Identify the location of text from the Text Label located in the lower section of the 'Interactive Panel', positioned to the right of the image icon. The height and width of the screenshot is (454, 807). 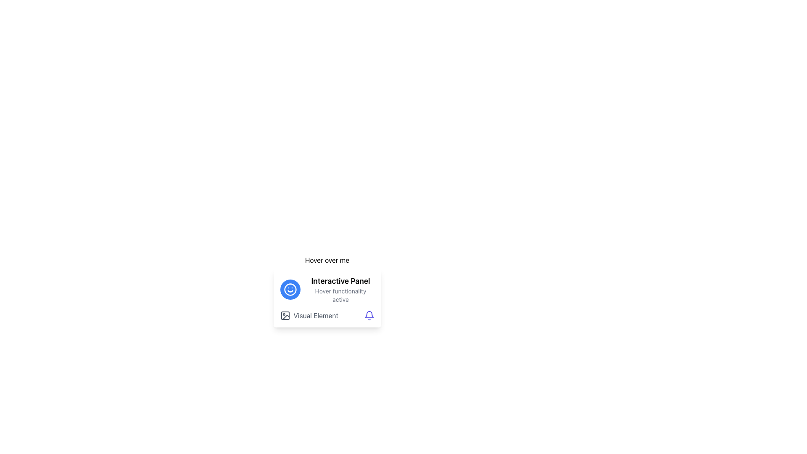
(315, 316).